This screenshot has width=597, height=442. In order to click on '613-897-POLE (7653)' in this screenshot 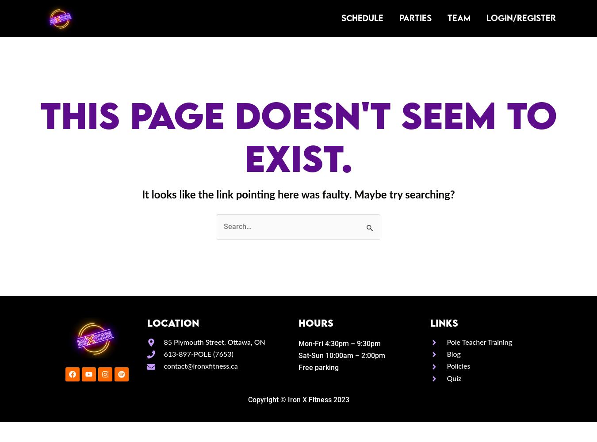, I will do `click(164, 354)`.